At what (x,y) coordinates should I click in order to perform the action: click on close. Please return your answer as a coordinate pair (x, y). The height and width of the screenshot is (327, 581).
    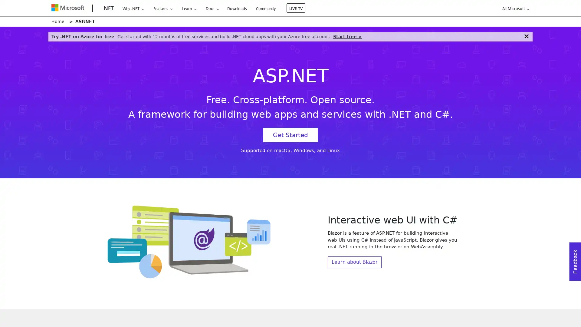
    Looking at the image, I should click on (526, 36).